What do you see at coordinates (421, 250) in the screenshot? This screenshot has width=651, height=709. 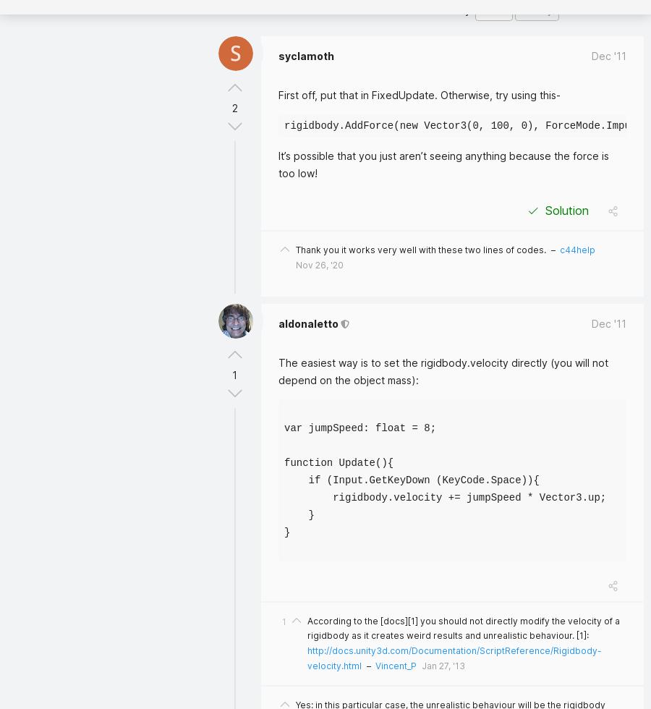 I see `'Thank you it works very well with these two lines of codes.'` at bounding box center [421, 250].